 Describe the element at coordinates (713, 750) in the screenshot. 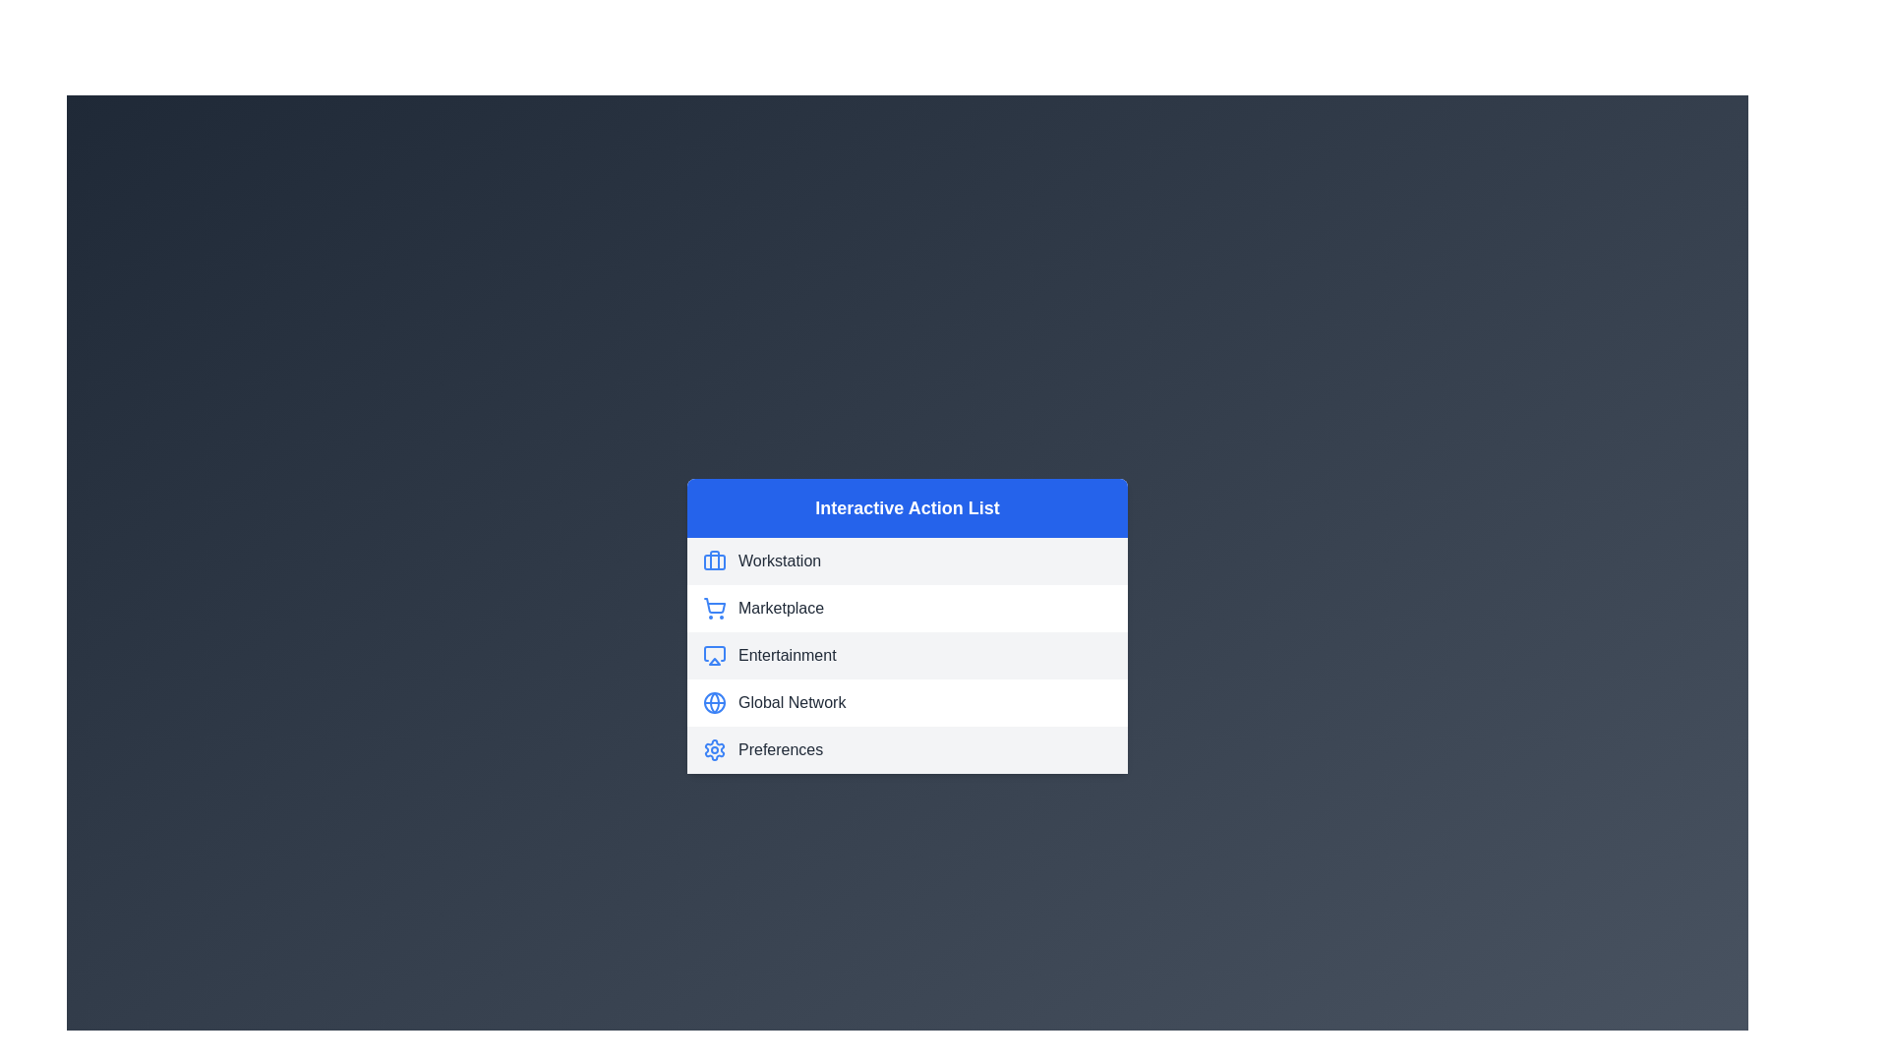

I see `the leftmost icon in the Preferences row of the Interactive Action List` at that location.